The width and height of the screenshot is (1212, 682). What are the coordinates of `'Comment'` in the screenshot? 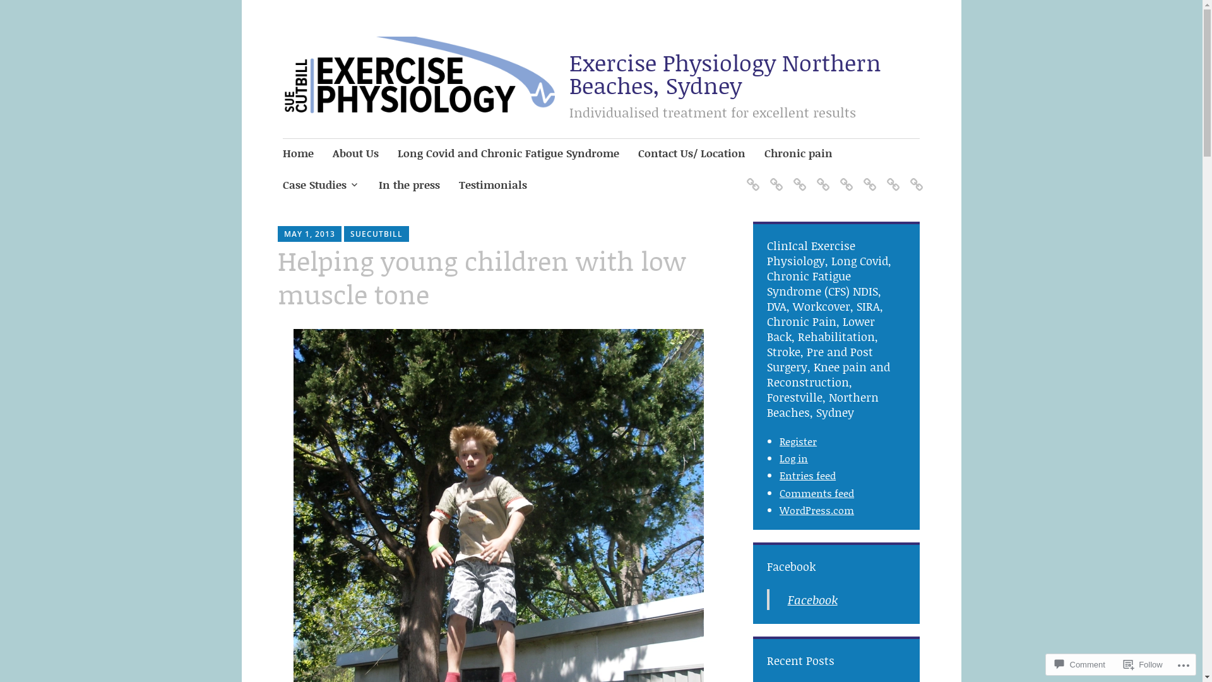 It's located at (1078, 664).